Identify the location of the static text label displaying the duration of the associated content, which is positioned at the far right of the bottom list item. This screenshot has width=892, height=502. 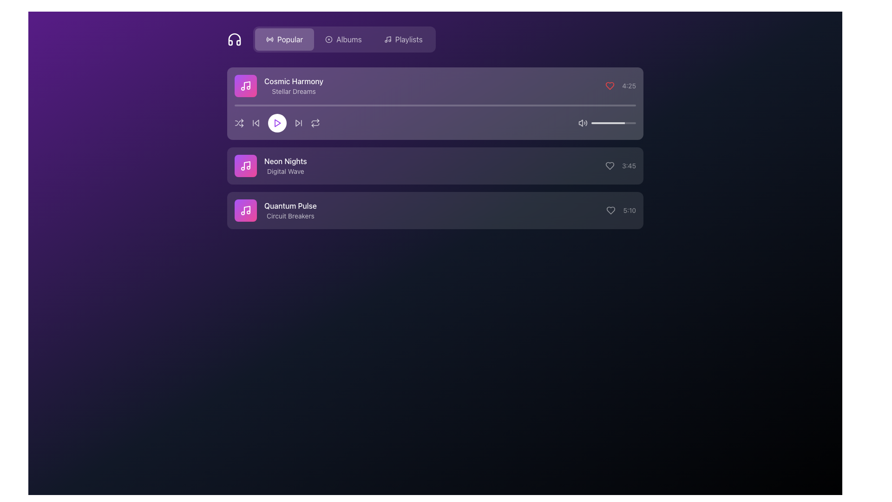
(630, 210).